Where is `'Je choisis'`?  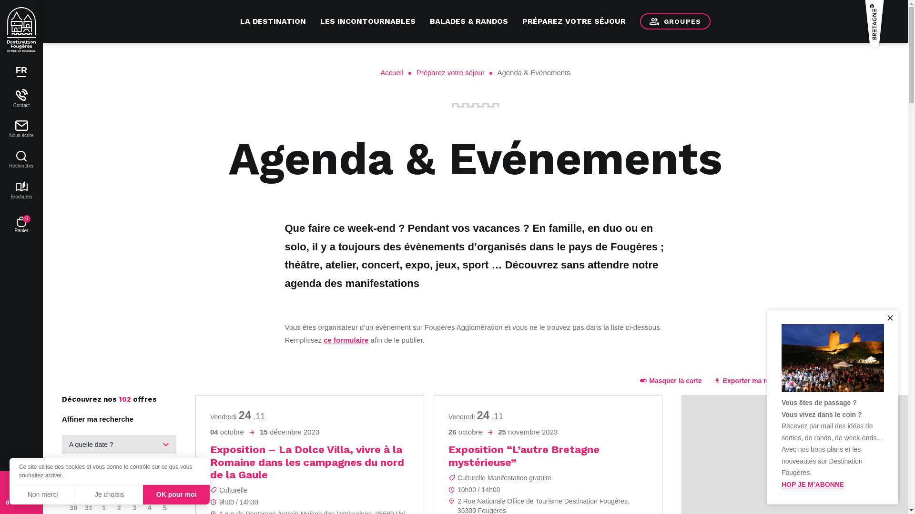
'Je choisis' is located at coordinates (110, 494).